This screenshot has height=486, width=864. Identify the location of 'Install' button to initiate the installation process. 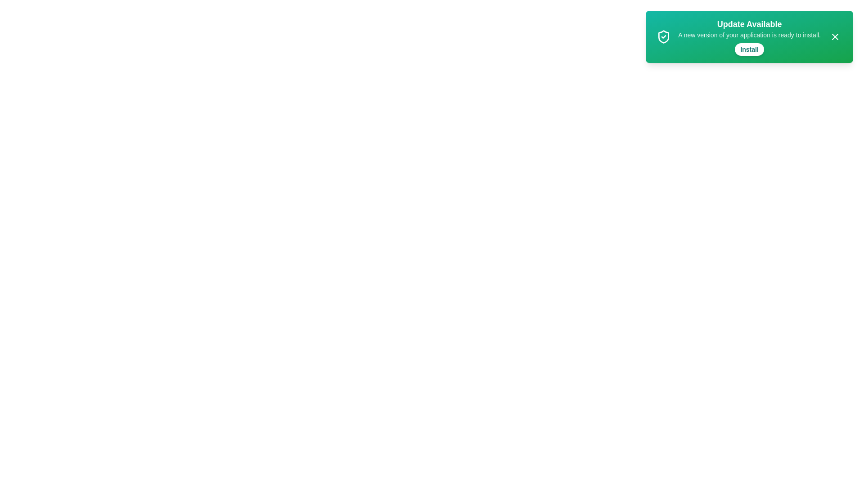
(749, 49).